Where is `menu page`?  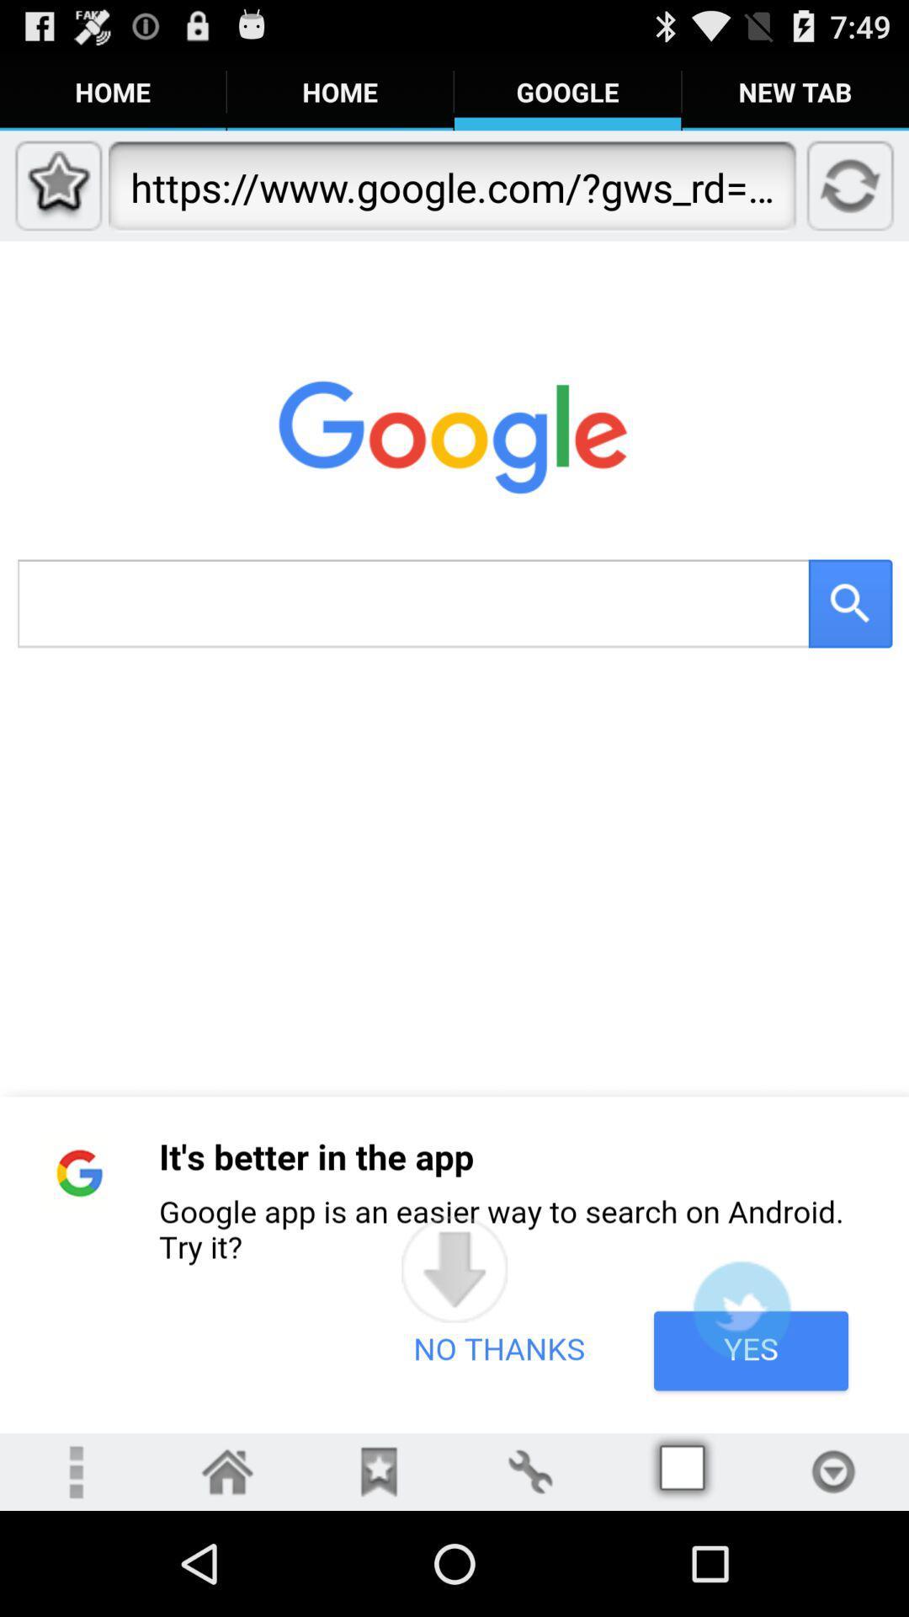 menu page is located at coordinates (227, 1470).